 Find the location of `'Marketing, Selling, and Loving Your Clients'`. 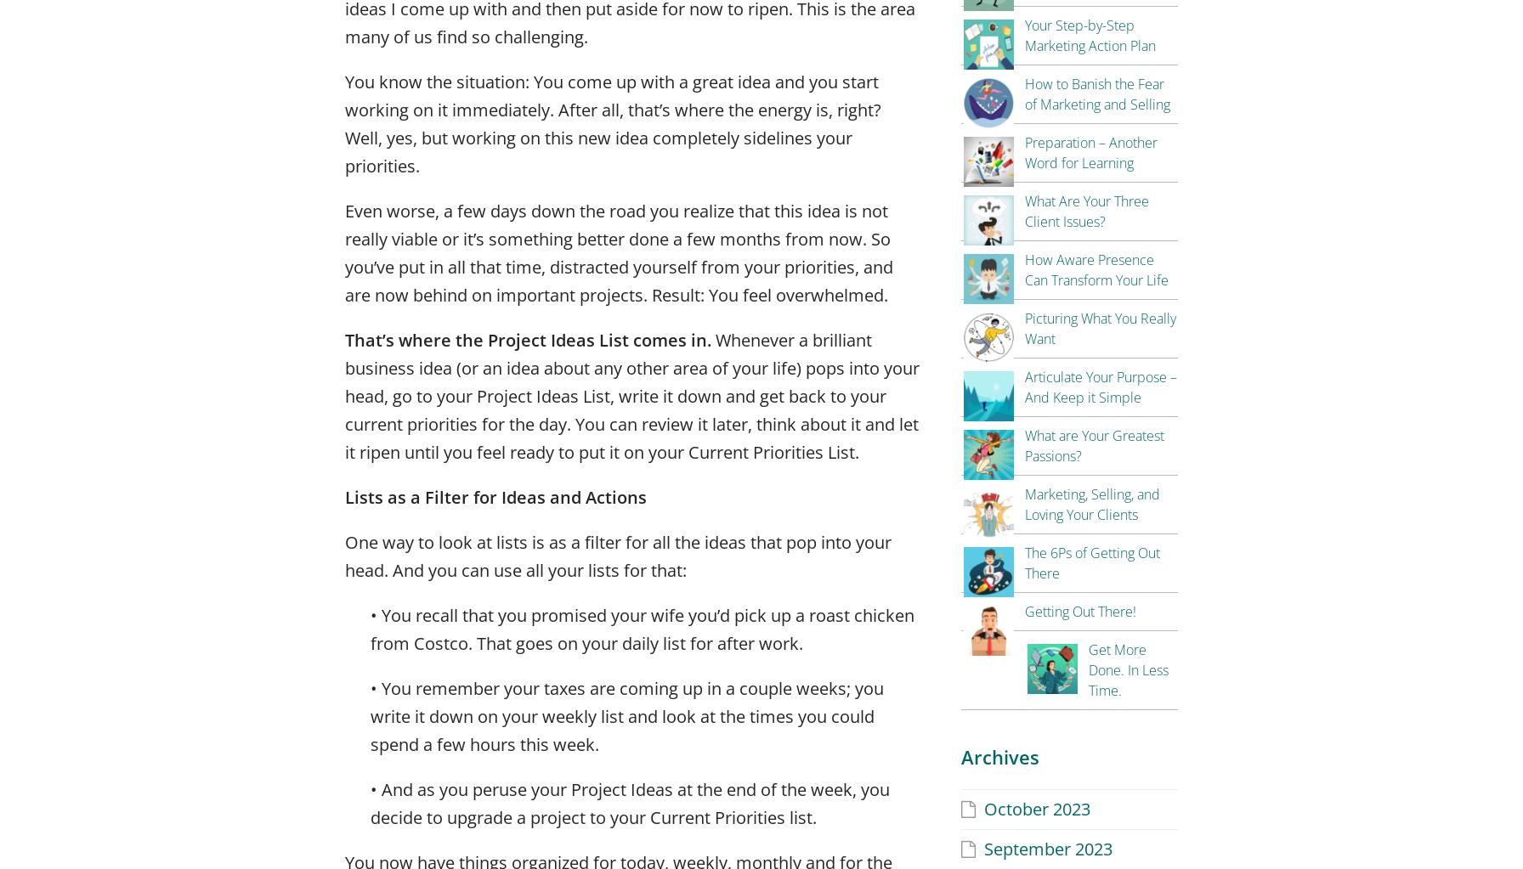

'Marketing, Selling, and Loving Your Clients' is located at coordinates (1092, 503).